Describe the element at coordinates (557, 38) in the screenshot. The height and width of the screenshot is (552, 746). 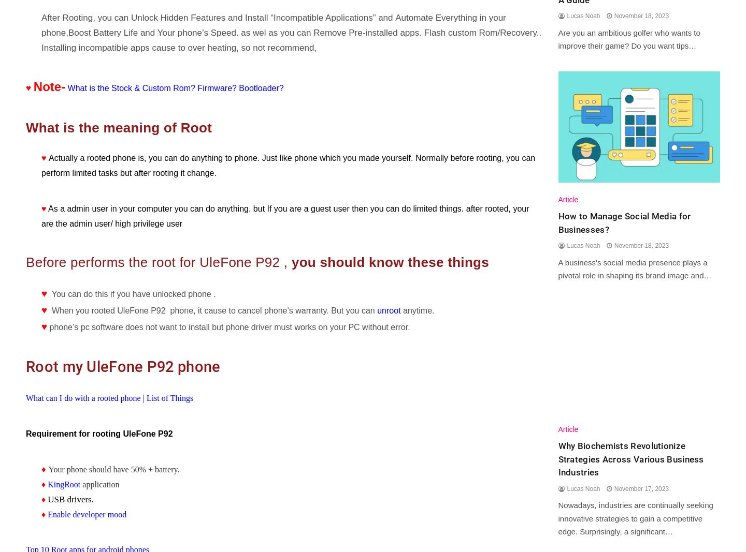
I see `'Are you an ambitious golfer who wants to improve their game? Do you want tips…'` at that location.